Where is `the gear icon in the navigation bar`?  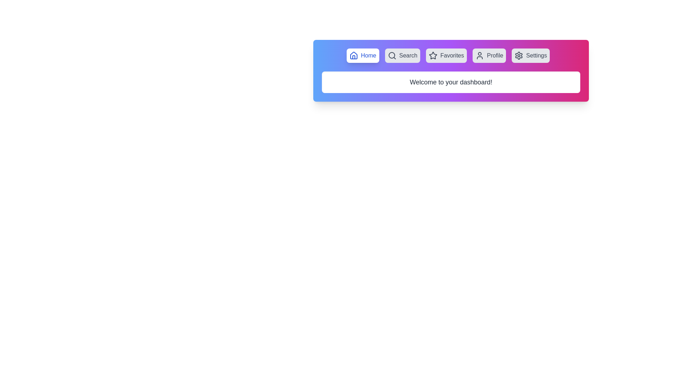
the gear icon in the navigation bar is located at coordinates (519, 55).